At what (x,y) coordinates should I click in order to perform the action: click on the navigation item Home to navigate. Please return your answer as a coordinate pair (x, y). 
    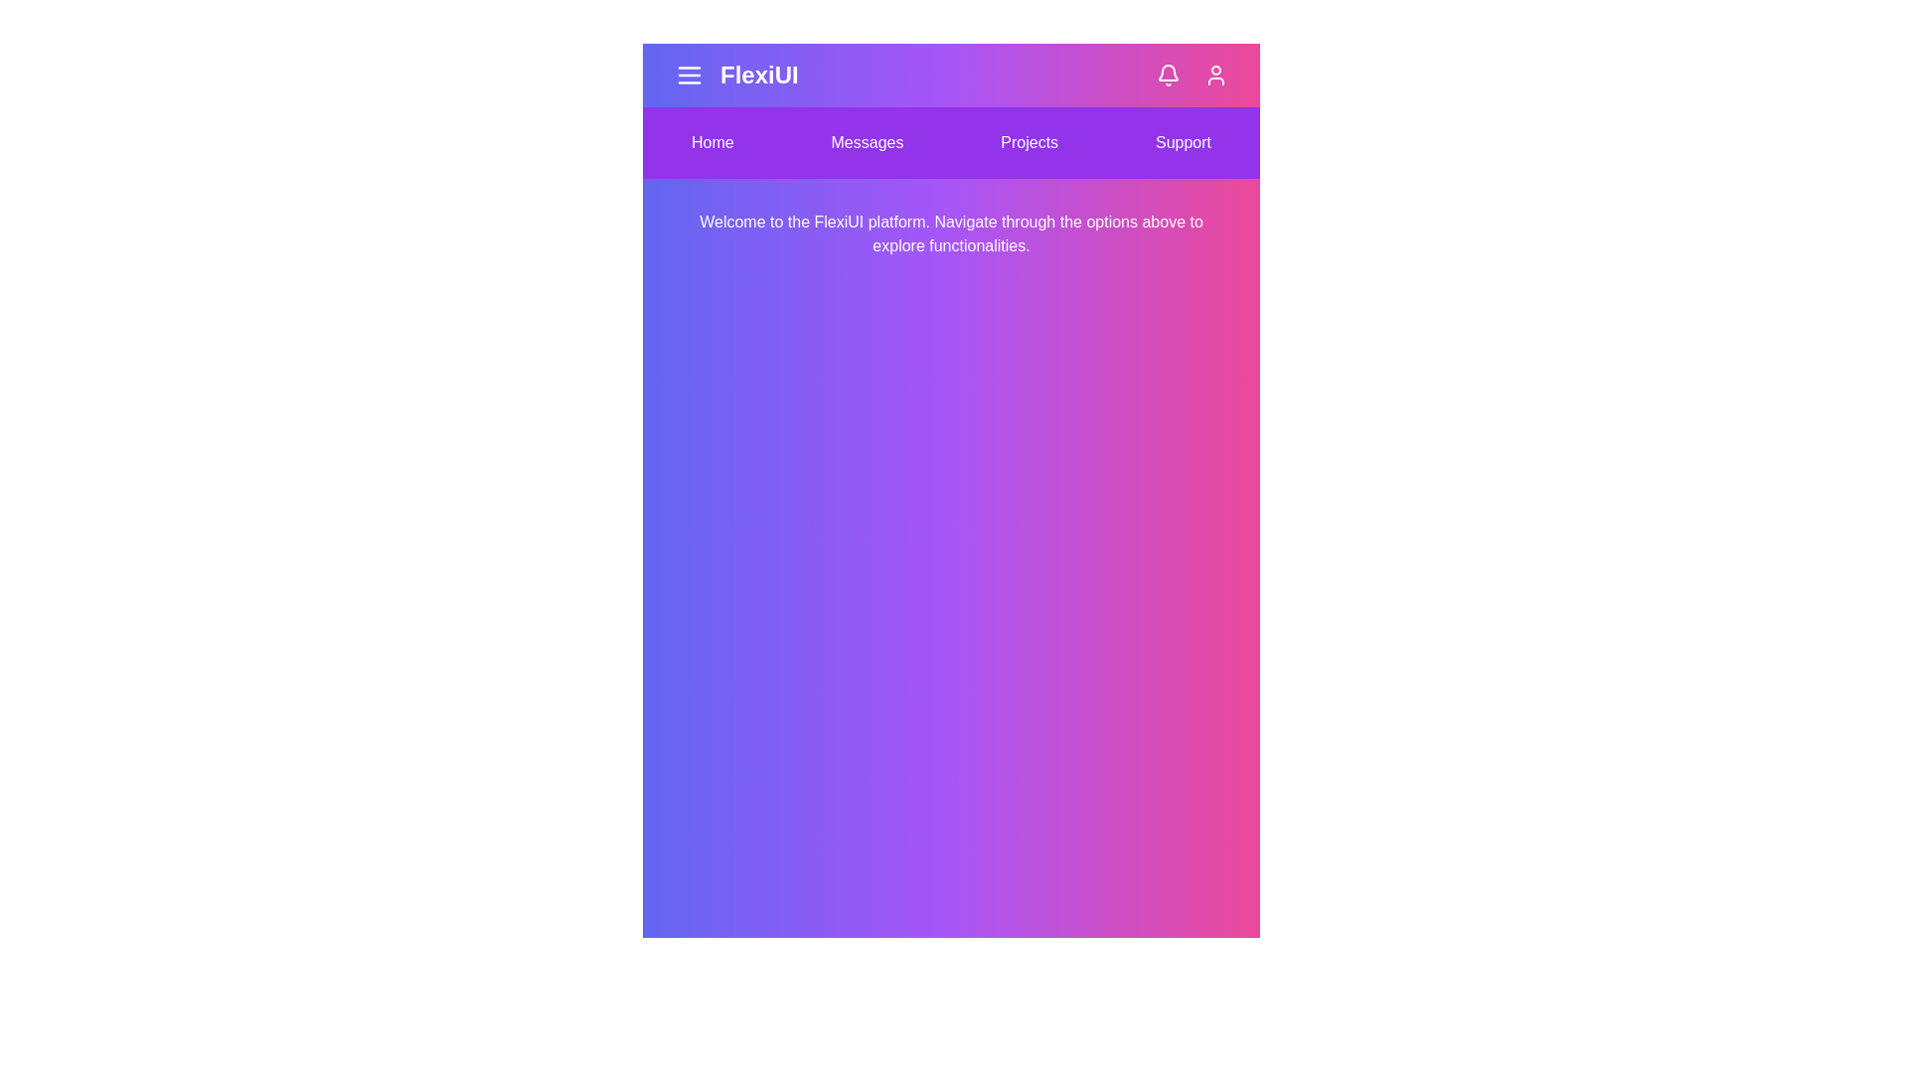
    Looking at the image, I should click on (712, 141).